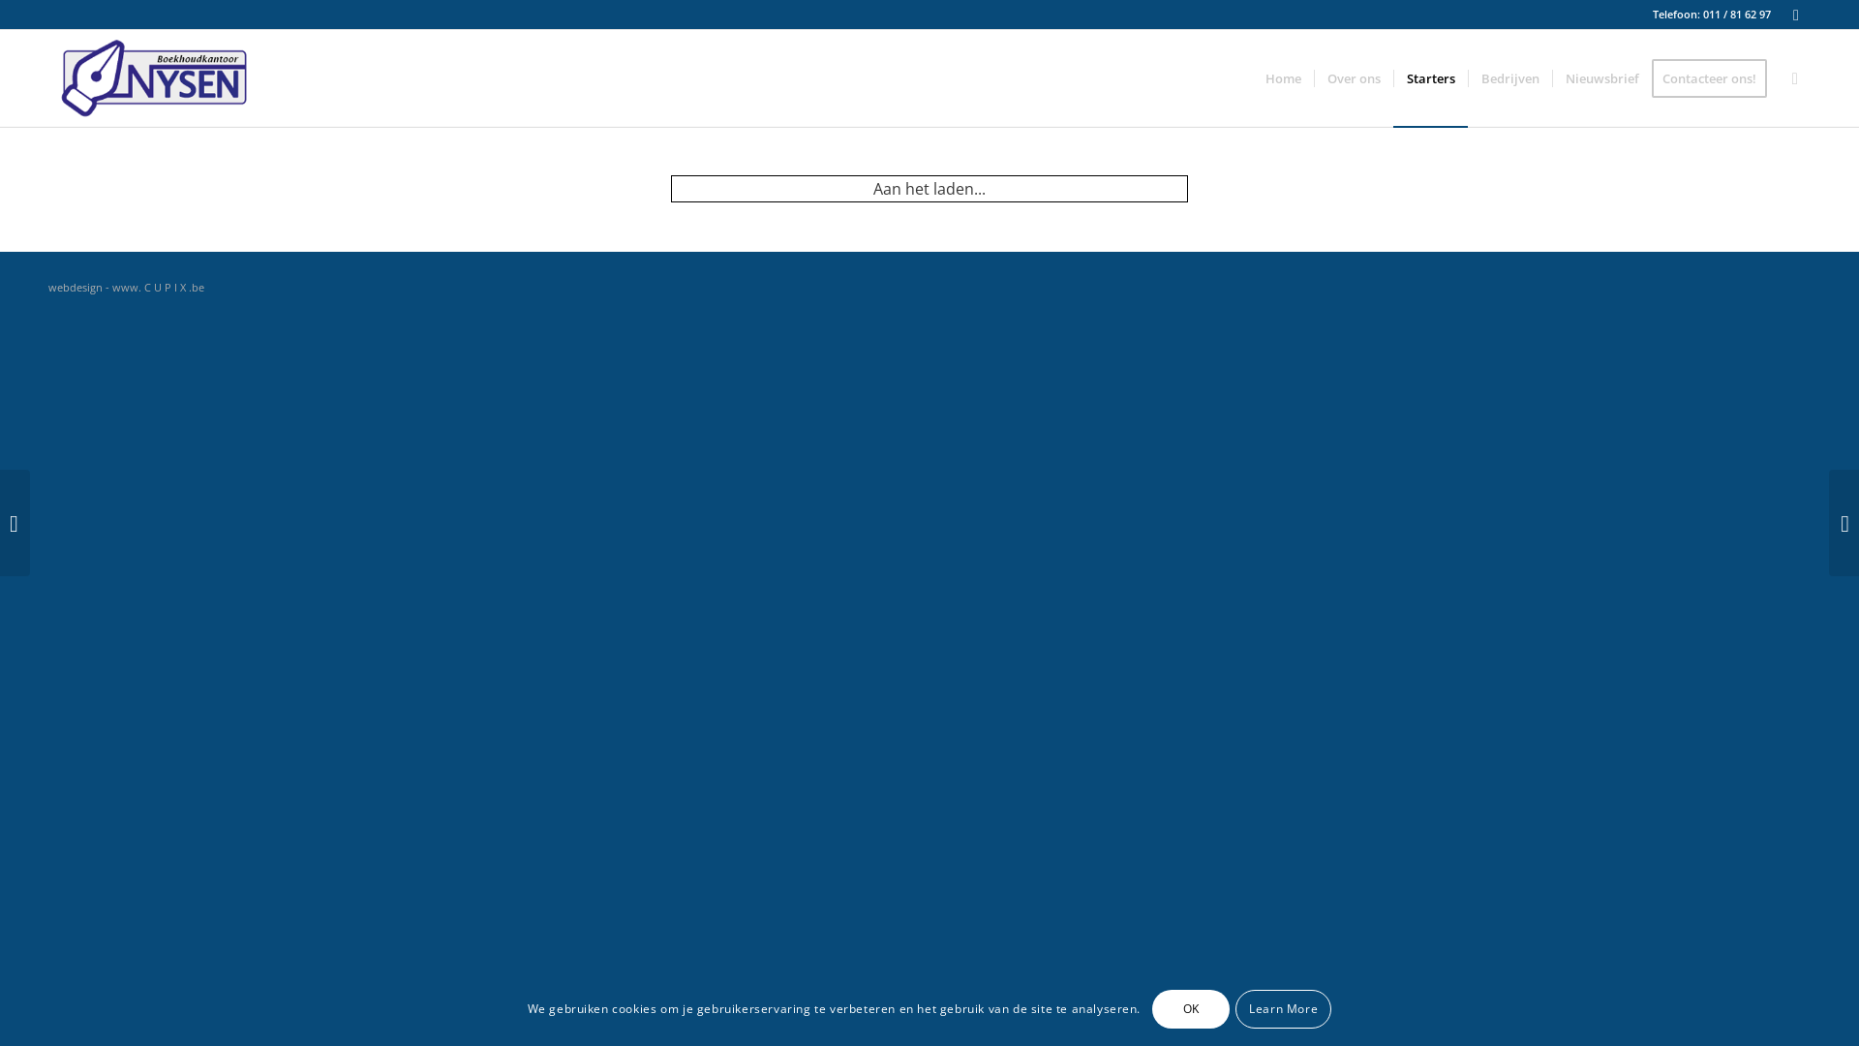 The image size is (1859, 1046). What do you see at coordinates (1794, 15) in the screenshot?
I see `'Facebook'` at bounding box center [1794, 15].